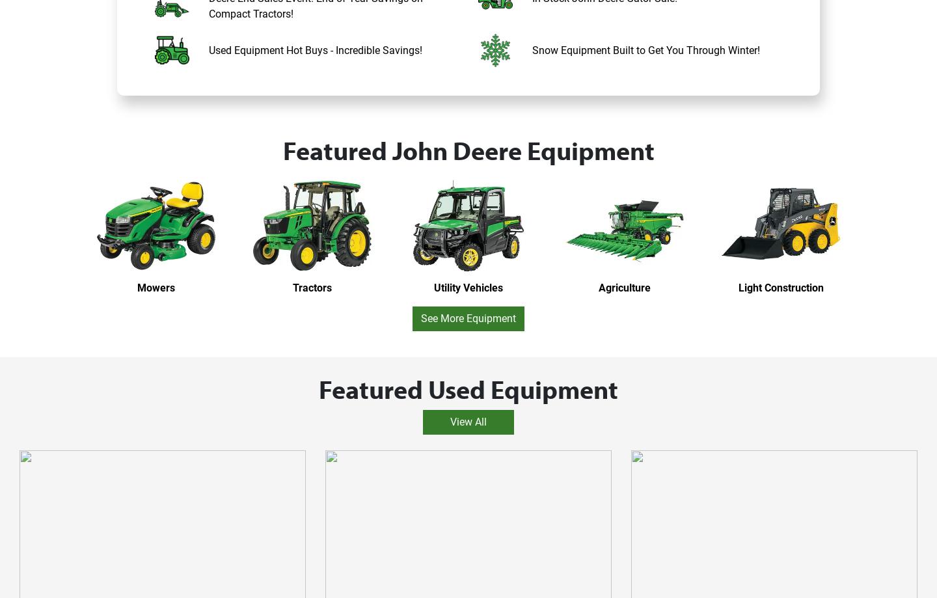 The height and width of the screenshot is (598, 937). What do you see at coordinates (780, 287) in the screenshot?
I see `'Light Construction'` at bounding box center [780, 287].